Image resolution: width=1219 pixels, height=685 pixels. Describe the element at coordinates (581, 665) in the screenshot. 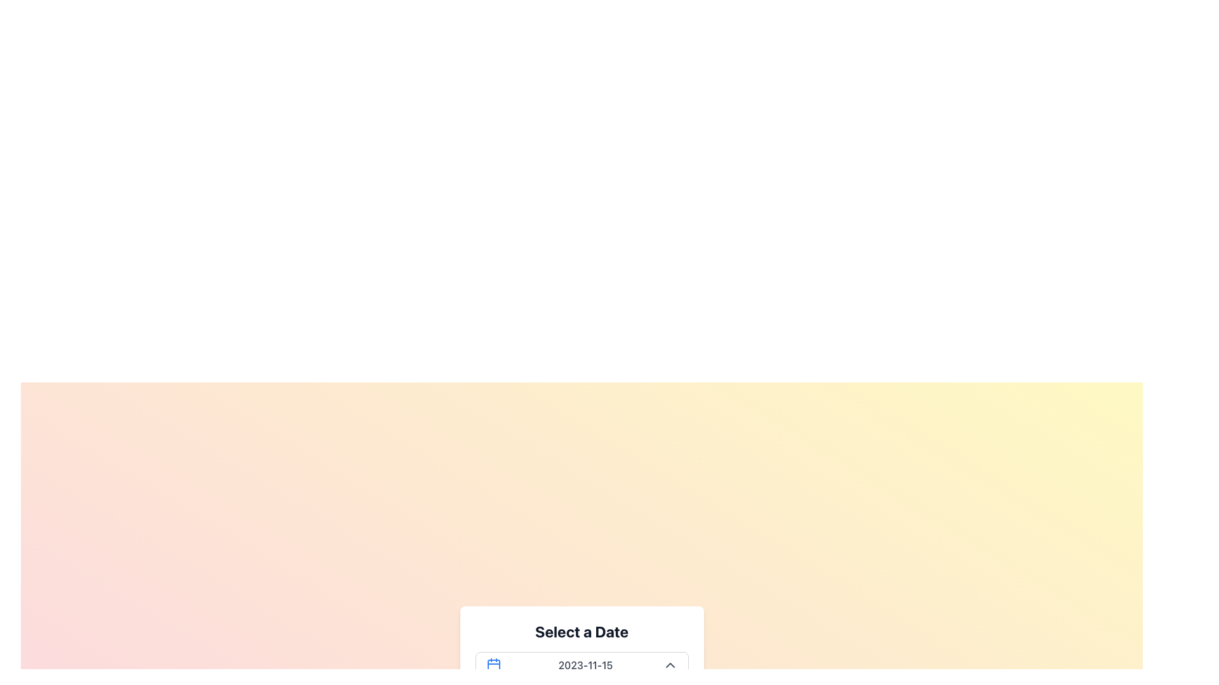

I see `the Interactive date field element with a blue calendar icon on the left and a gray upward-pointing chevron icon on the right for text editing or selection` at that location.